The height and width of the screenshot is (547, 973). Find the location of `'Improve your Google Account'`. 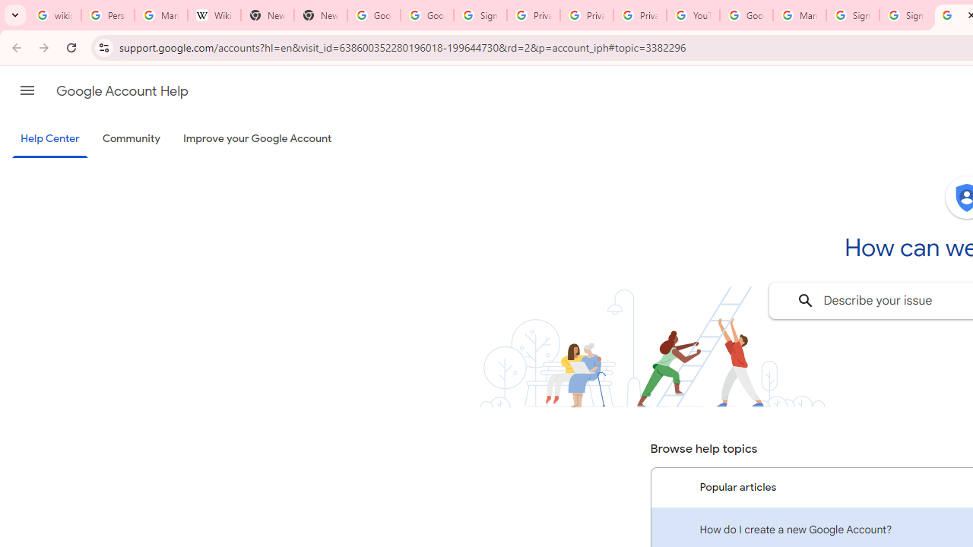

'Improve your Google Account' is located at coordinates (258, 139).